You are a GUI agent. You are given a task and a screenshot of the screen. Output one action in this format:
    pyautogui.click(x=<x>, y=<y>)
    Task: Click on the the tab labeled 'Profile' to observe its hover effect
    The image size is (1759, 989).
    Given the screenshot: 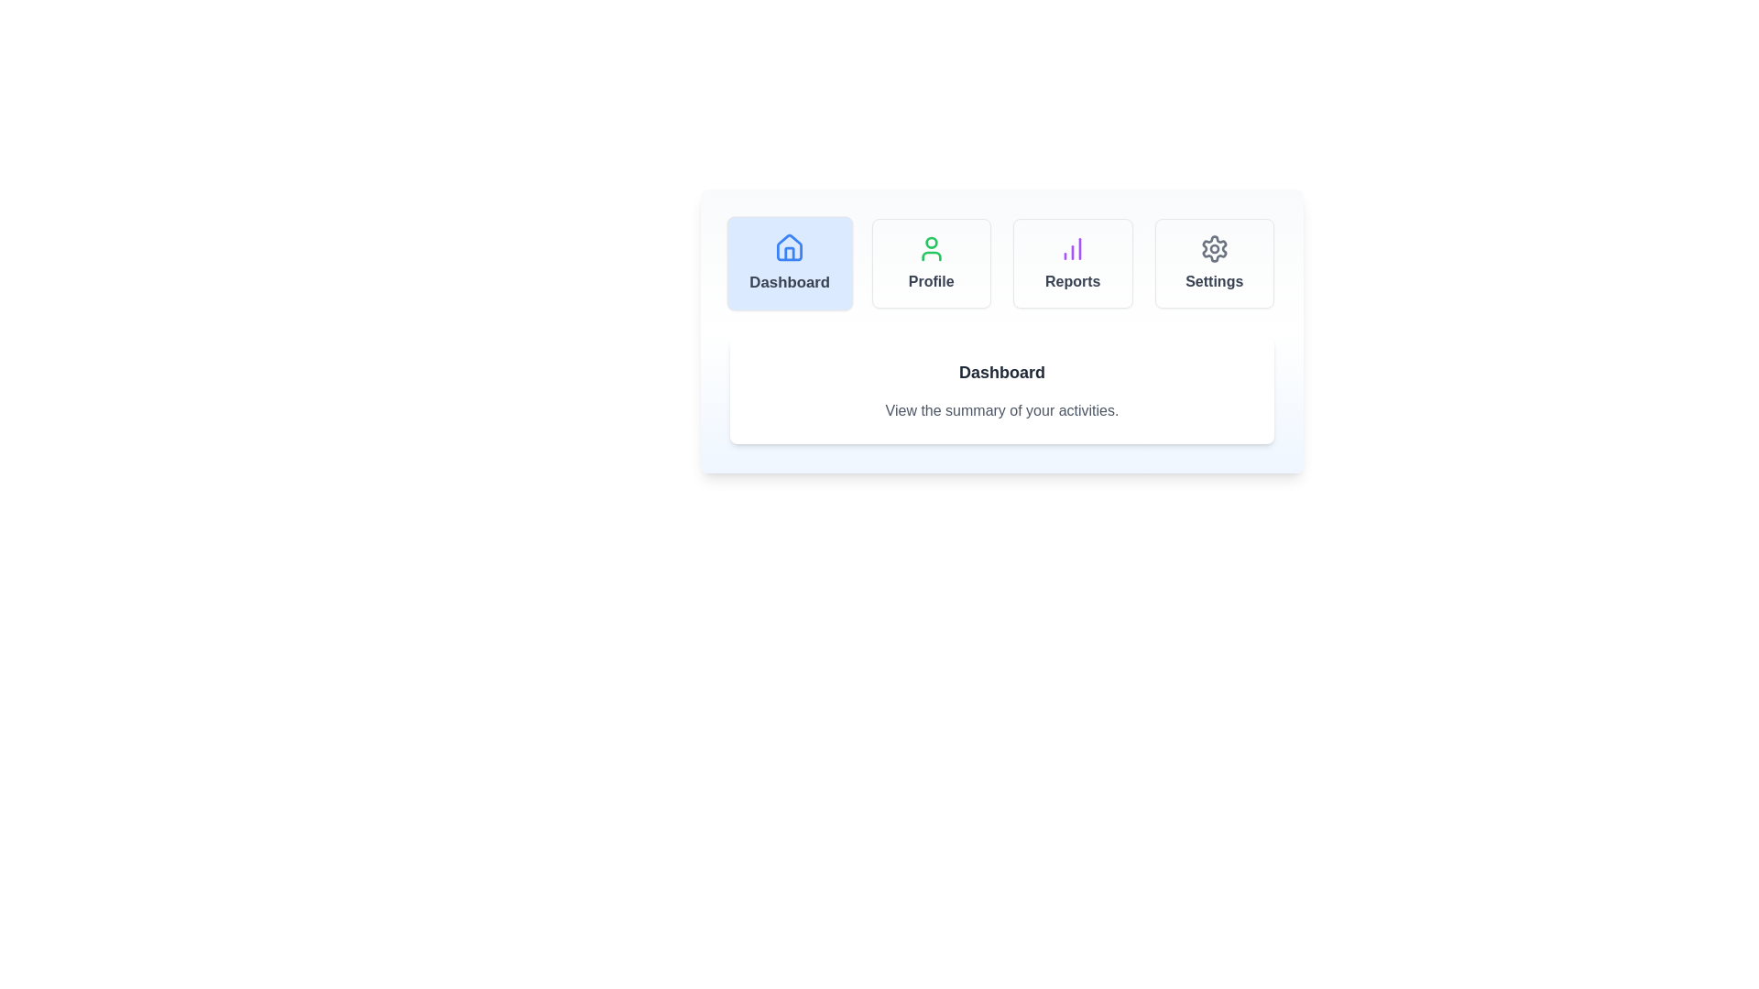 What is the action you would take?
    pyautogui.click(x=931, y=264)
    